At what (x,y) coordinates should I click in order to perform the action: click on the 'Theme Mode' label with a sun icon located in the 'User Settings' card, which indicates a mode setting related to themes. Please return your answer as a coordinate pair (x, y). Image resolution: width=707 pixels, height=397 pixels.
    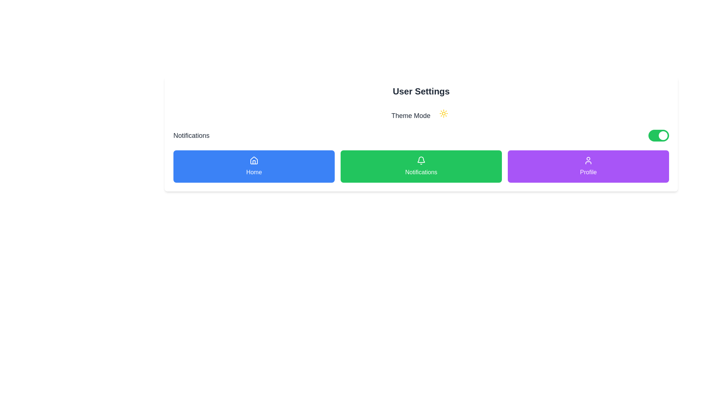
    Looking at the image, I should click on (421, 113).